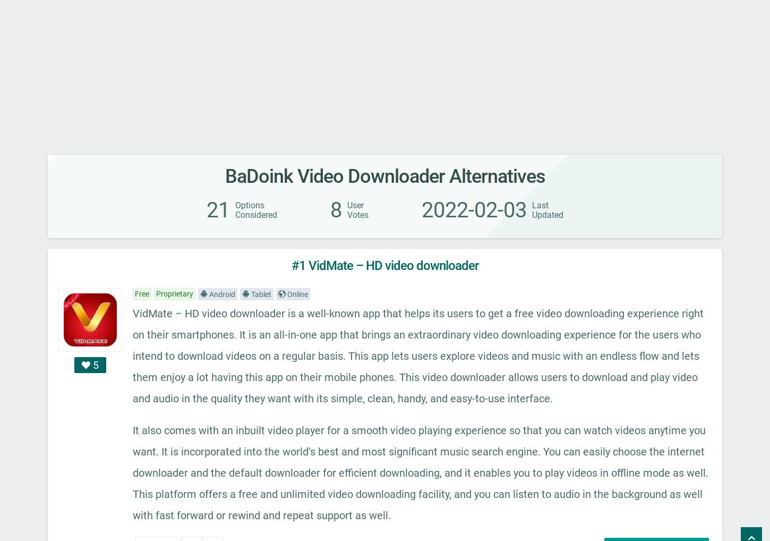 The height and width of the screenshot is (541, 770). Describe the element at coordinates (355, 205) in the screenshot. I see `'User'` at that location.